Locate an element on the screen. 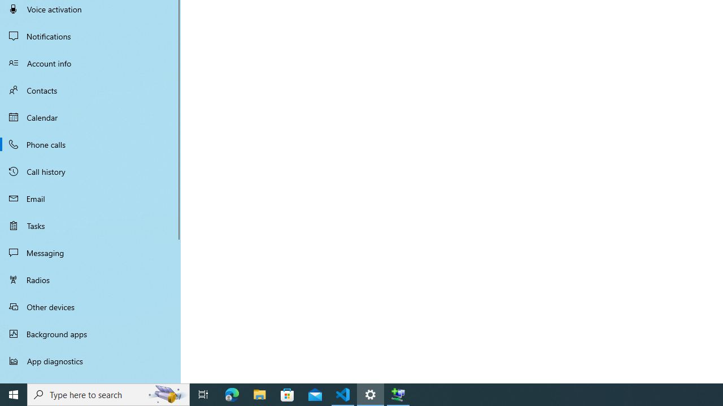  'Background apps' is located at coordinates (90, 333).